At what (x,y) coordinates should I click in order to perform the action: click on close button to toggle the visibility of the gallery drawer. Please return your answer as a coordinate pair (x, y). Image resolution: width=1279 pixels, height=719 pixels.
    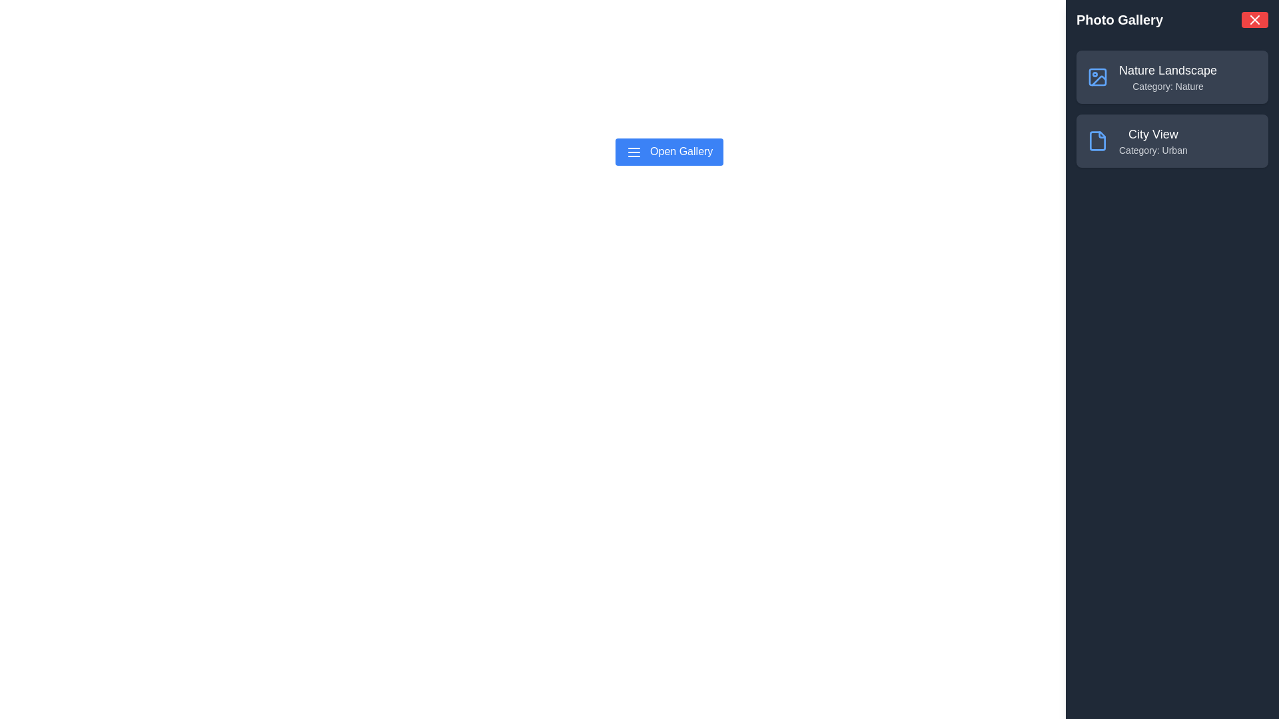
    Looking at the image, I should click on (1254, 20).